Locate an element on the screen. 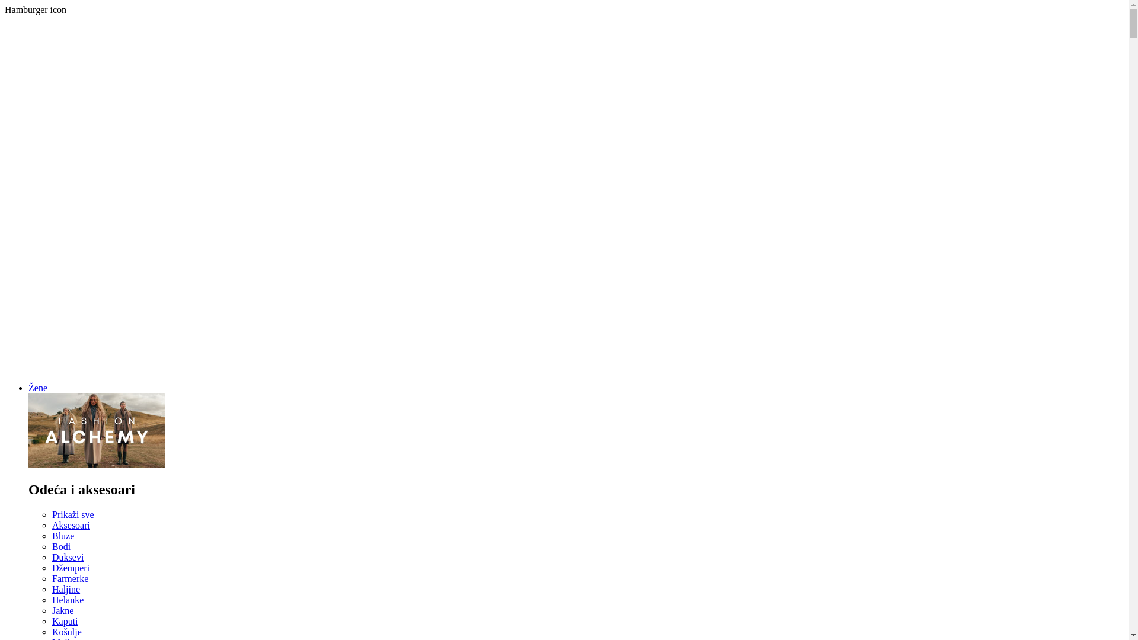  'Kaputi' is located at coordinates (65, 620).